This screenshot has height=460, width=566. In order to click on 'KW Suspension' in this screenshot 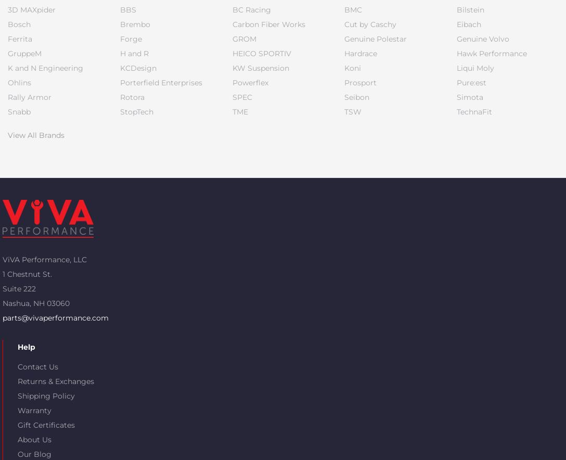, I will do `click(260, 68)`.